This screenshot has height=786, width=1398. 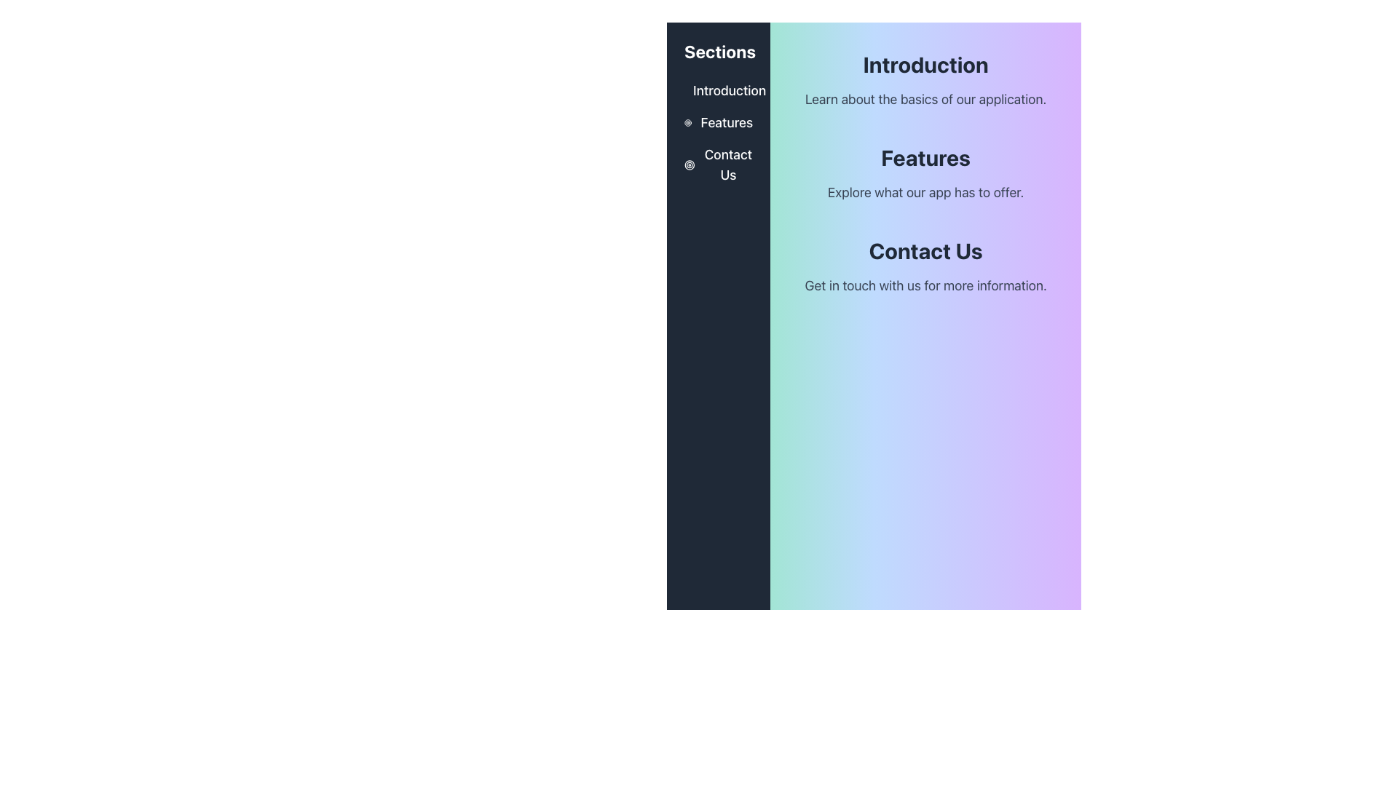 I want to click on the 'Contact Us' hyperlink located in the sidebar menu to activate the underline hover effect, so click(x=728, y=164).